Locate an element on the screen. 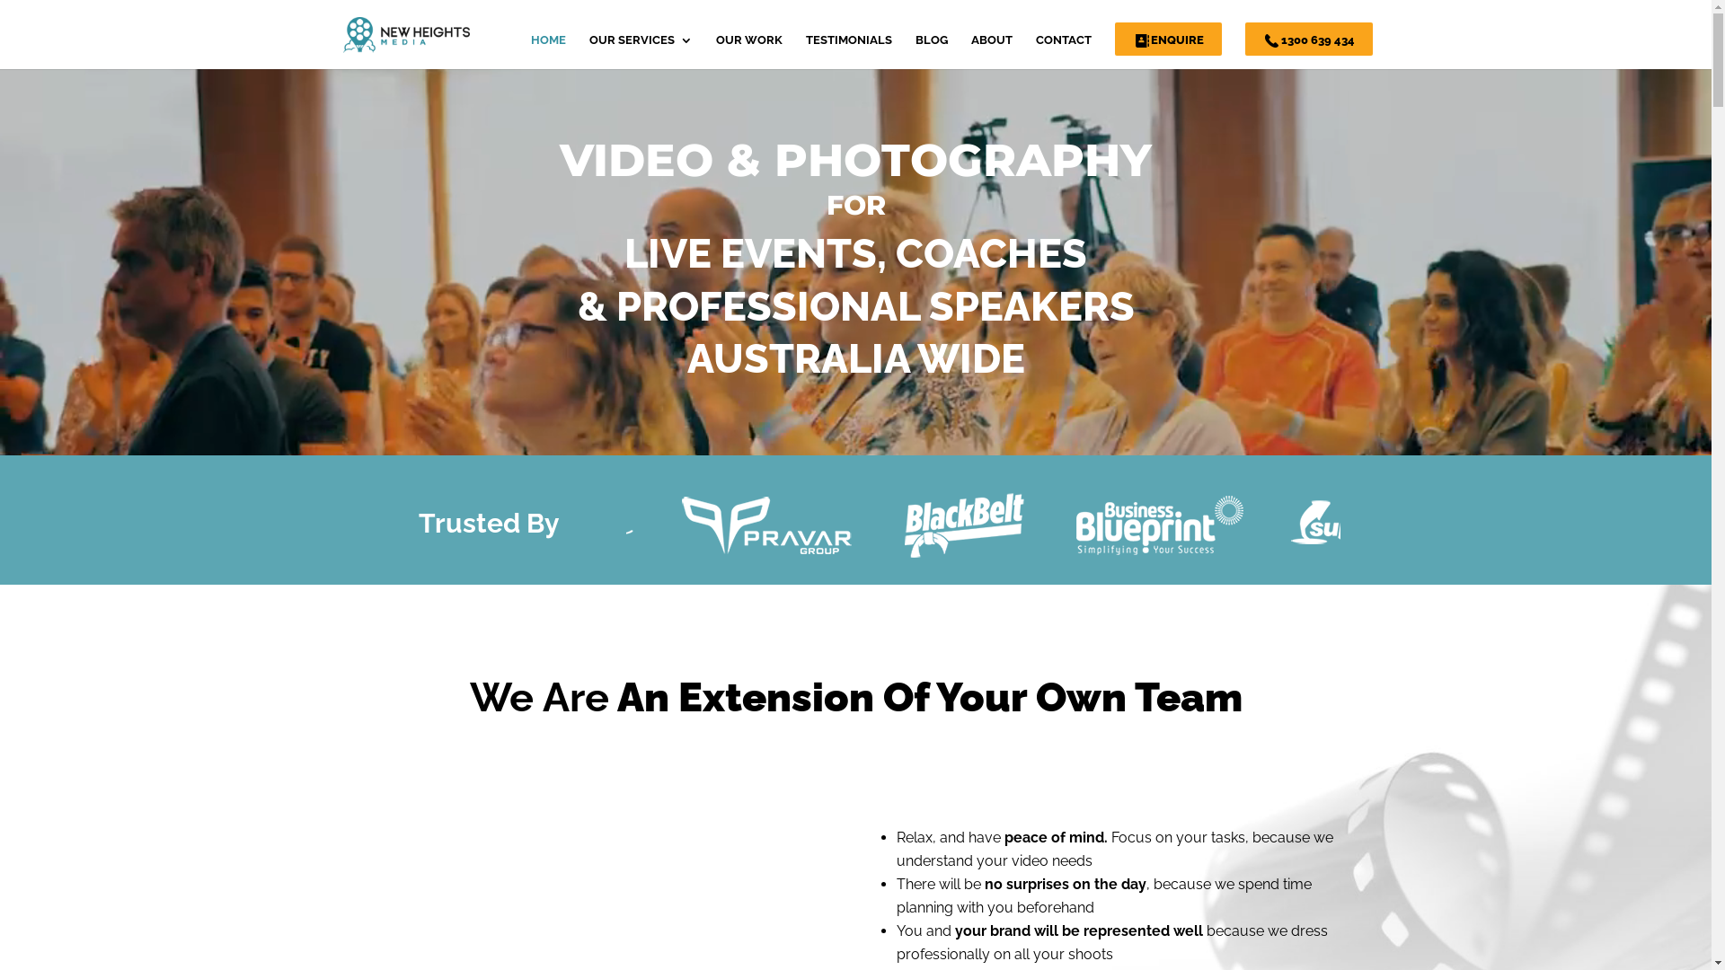  'OUR SERVICES' is located at coordinates (641, 50).